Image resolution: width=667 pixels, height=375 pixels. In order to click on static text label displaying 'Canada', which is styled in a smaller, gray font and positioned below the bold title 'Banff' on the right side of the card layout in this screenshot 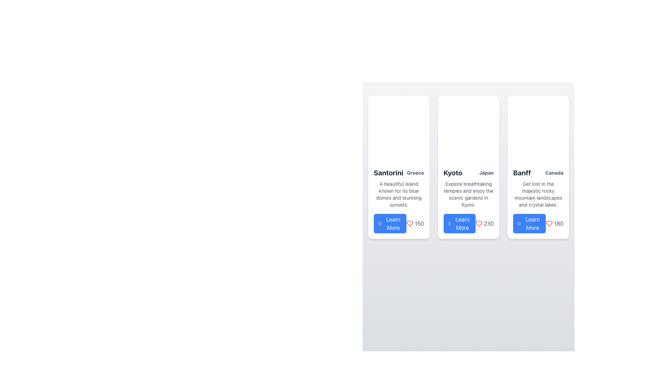, I will do `click(554, 172)`.